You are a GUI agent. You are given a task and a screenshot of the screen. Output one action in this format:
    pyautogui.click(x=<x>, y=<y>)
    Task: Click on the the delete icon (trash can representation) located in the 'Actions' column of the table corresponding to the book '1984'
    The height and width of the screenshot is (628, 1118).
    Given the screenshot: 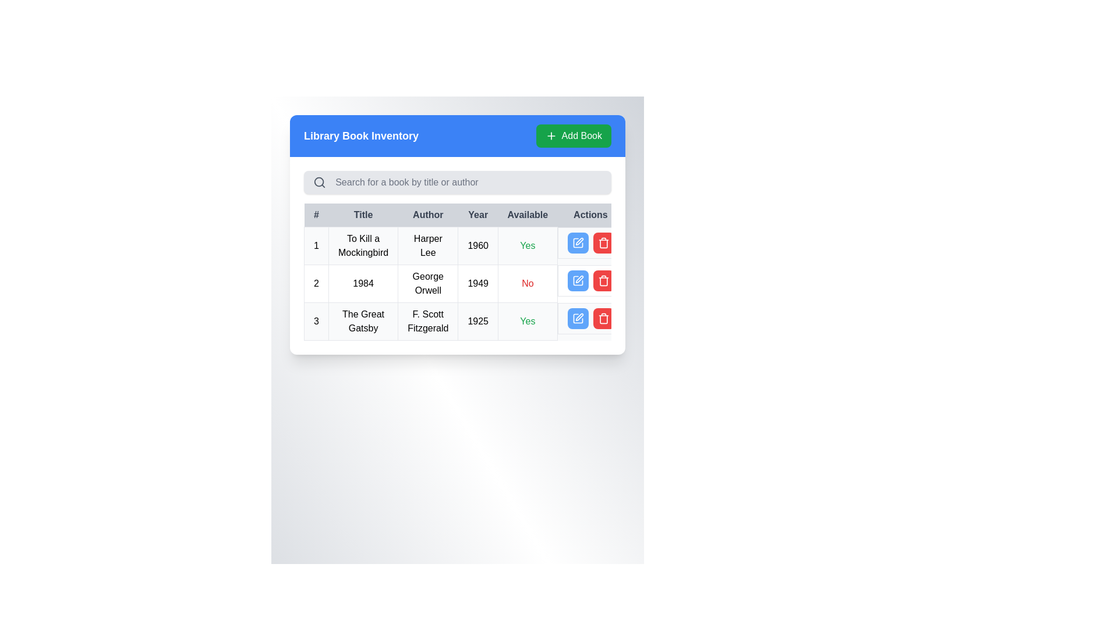 What is the action you would take?
    pyautogui.click(x=603, y=281)
    